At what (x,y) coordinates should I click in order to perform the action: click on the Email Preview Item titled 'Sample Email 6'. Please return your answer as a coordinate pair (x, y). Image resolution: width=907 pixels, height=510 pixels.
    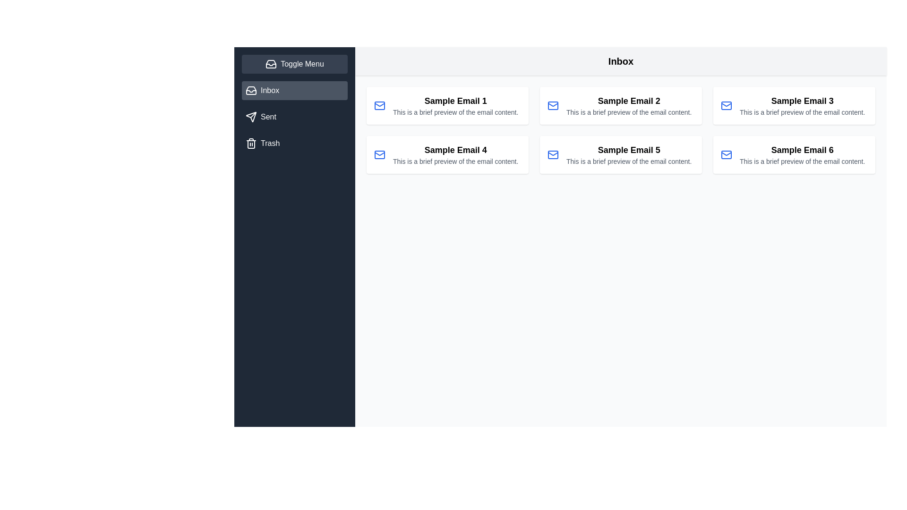
    Looking at the image, I should click on (802, 154).